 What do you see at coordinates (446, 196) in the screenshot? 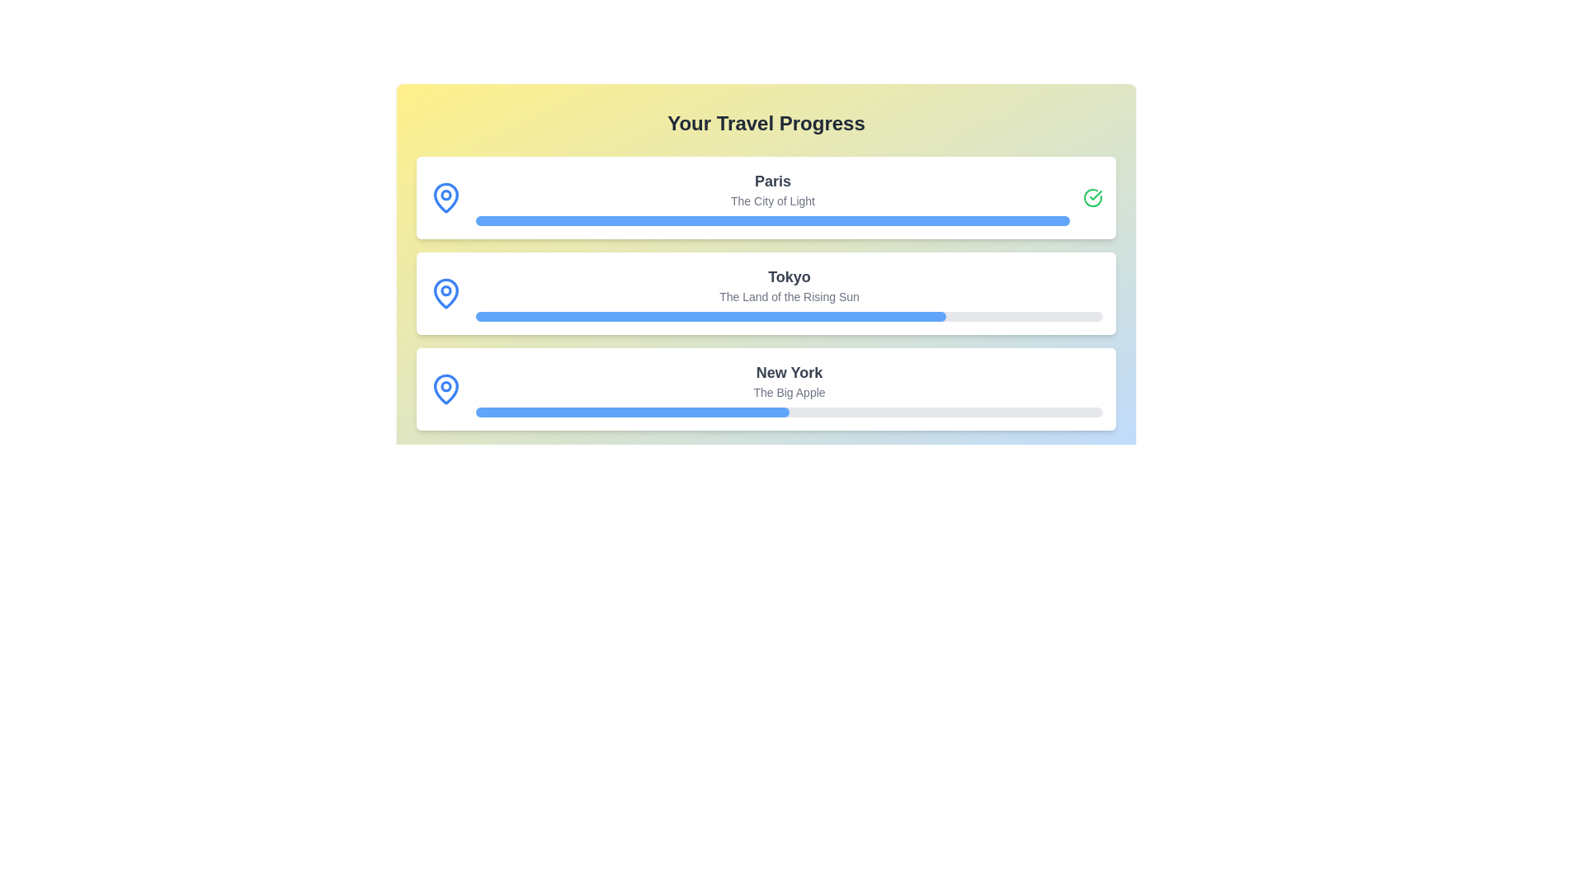
I see `the lower part of the blue map pin icon located in the first row of the travel progress list, adjacent to the text 'Paris'` at bounding box center [446, 196].